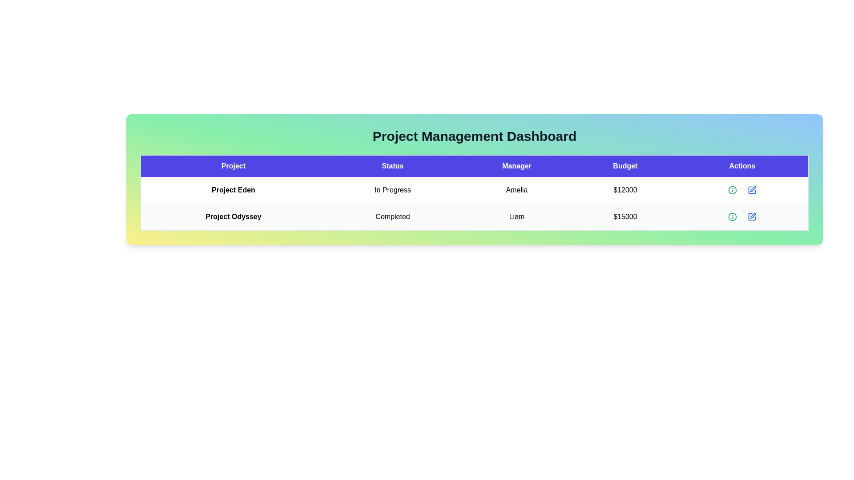 This screenshot has width=854, height=480. I want to click on the text display showing 'Liam' in black text, located in the third column of the second row of the table, so click(516, 217).